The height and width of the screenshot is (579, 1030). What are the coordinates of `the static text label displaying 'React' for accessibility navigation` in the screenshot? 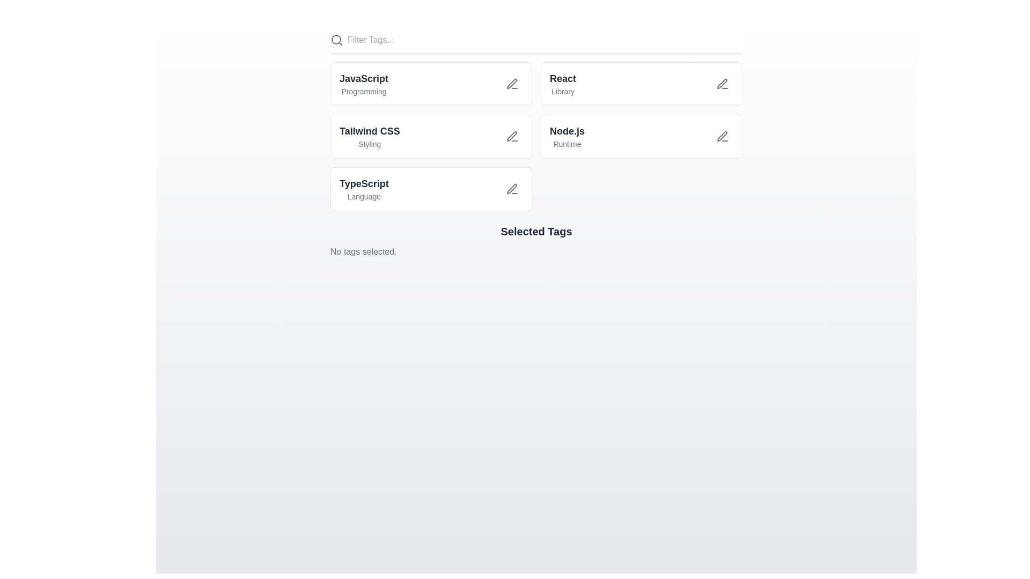 It's located at (562, 78).